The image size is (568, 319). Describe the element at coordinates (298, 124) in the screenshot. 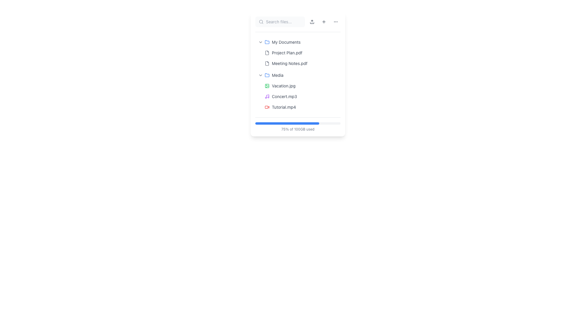

I see `text displayed on the progress bar with annotation, which shows '75% of 100GB used'` at that location.